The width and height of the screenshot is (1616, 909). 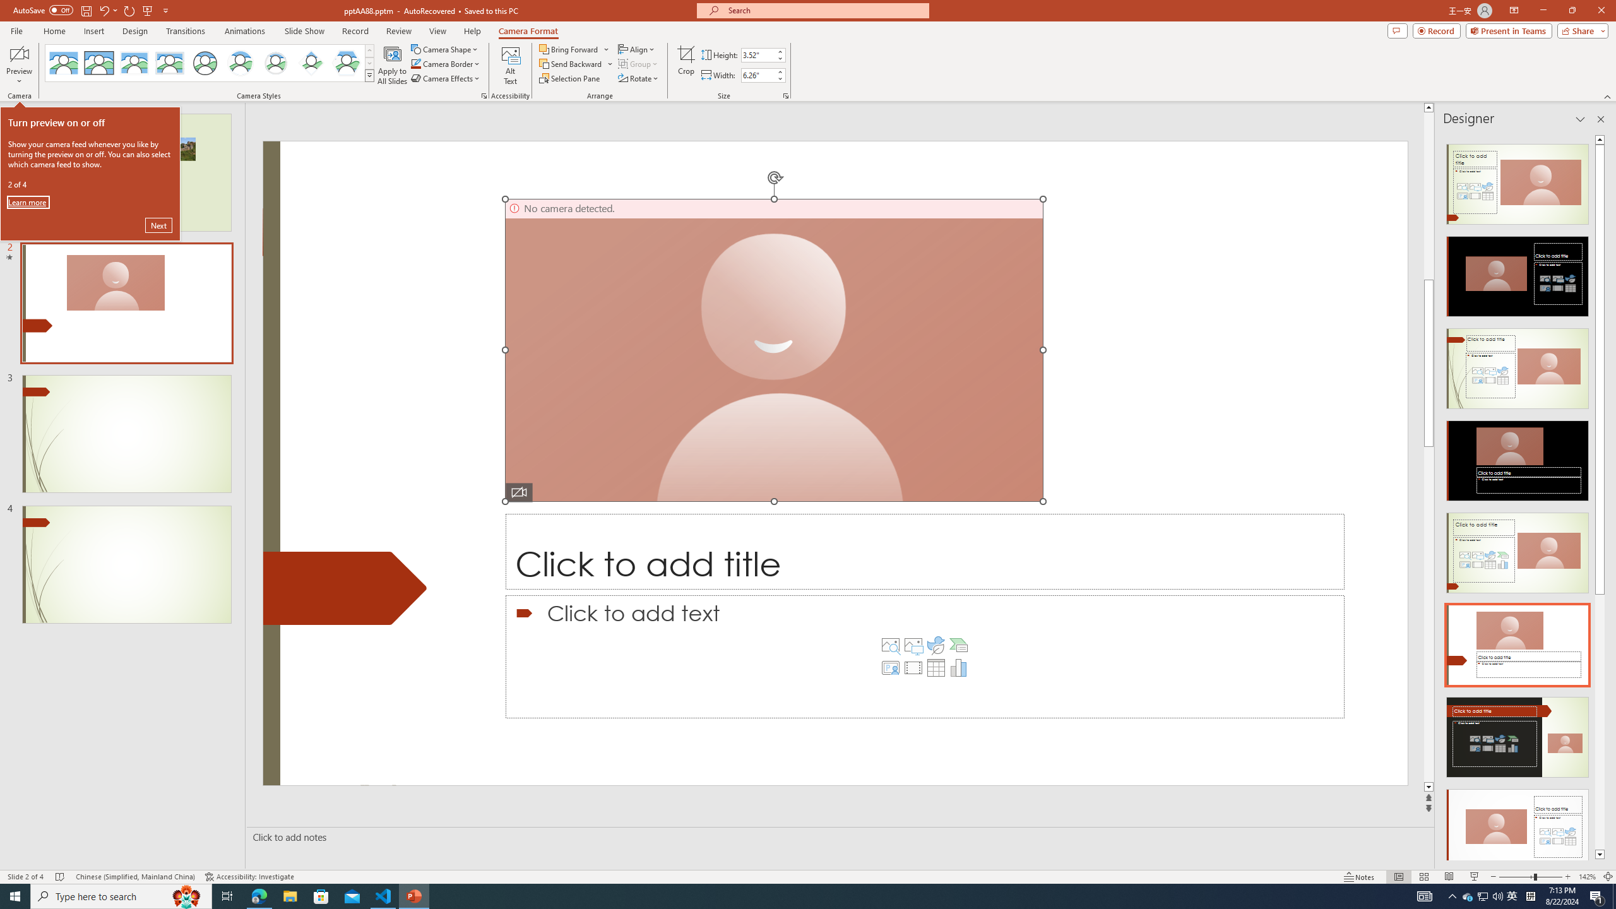 I want to click on 'Soft Edge Rectangle', so click(x=169, y=62).